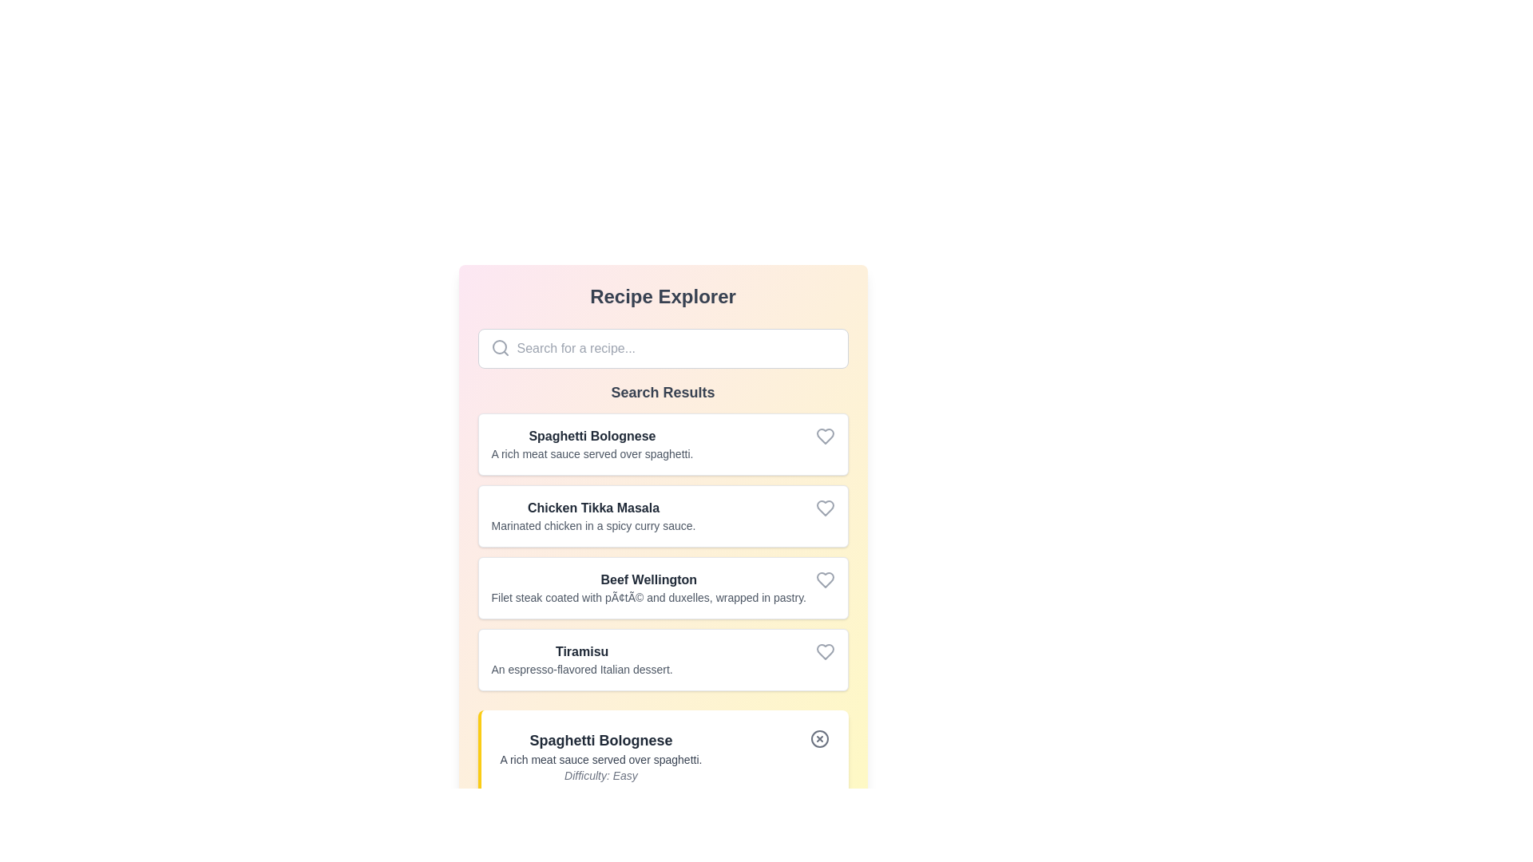 The height and width of the screenshot is (862, 1533). What do you see at coordinates (825, 652) in the screenshot?
I see `the heart-shaped icon button, which is the fourth in sequence next to the 'Tiramisu' item in the Search Results section` at bounding box center [825, 652].